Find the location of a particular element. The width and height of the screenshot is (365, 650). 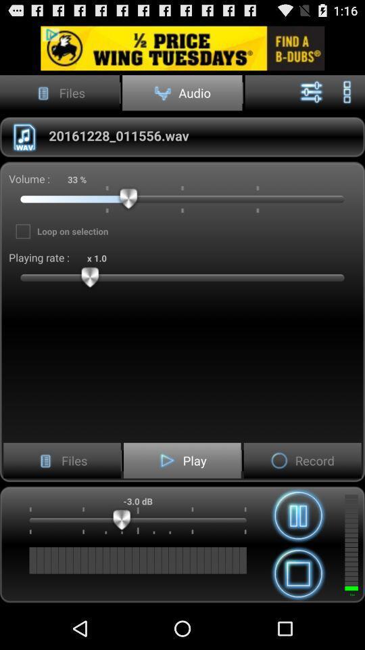

give advertisement information is located at coordinates (182, 48).